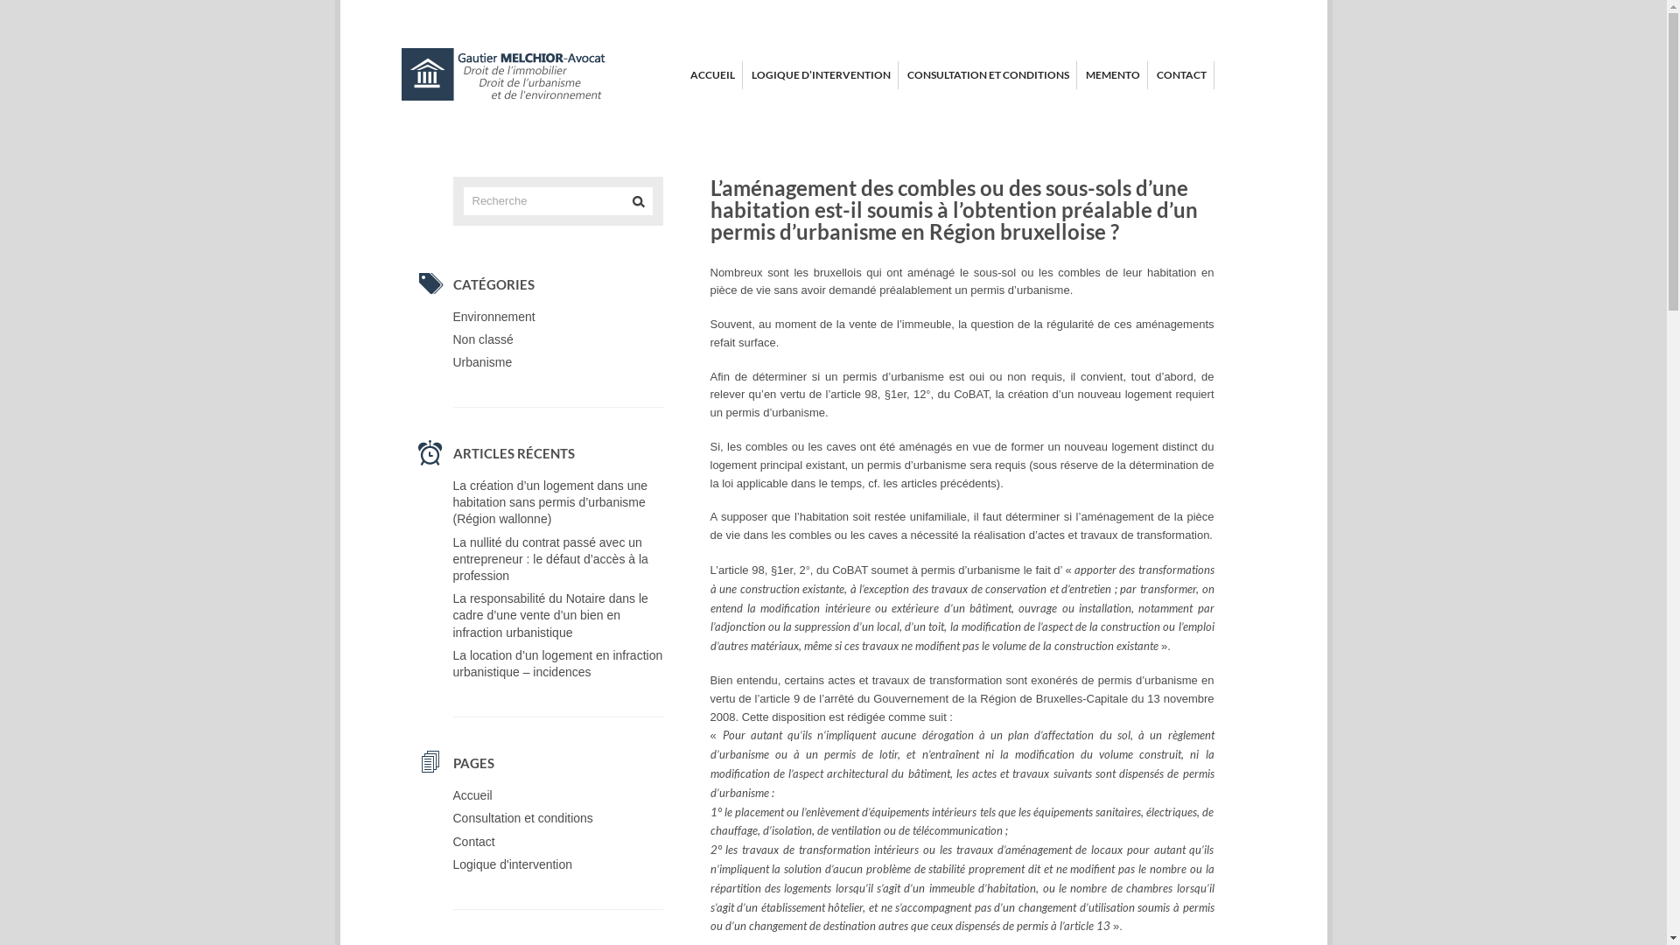 The image size is (1680, 945). What do you see at coordinates (493, 317) in the screenshot?
I see `'Environnement'` at bounding box center [493, 317].